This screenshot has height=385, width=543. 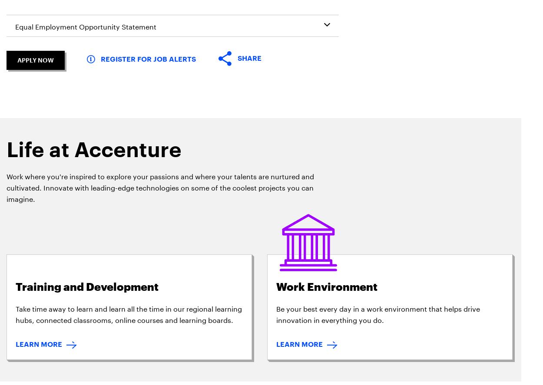 What do you see at coordinates (168, 166) in the screenshot?
I see `'Cookie Policy'` at bounding box center [168, 166].